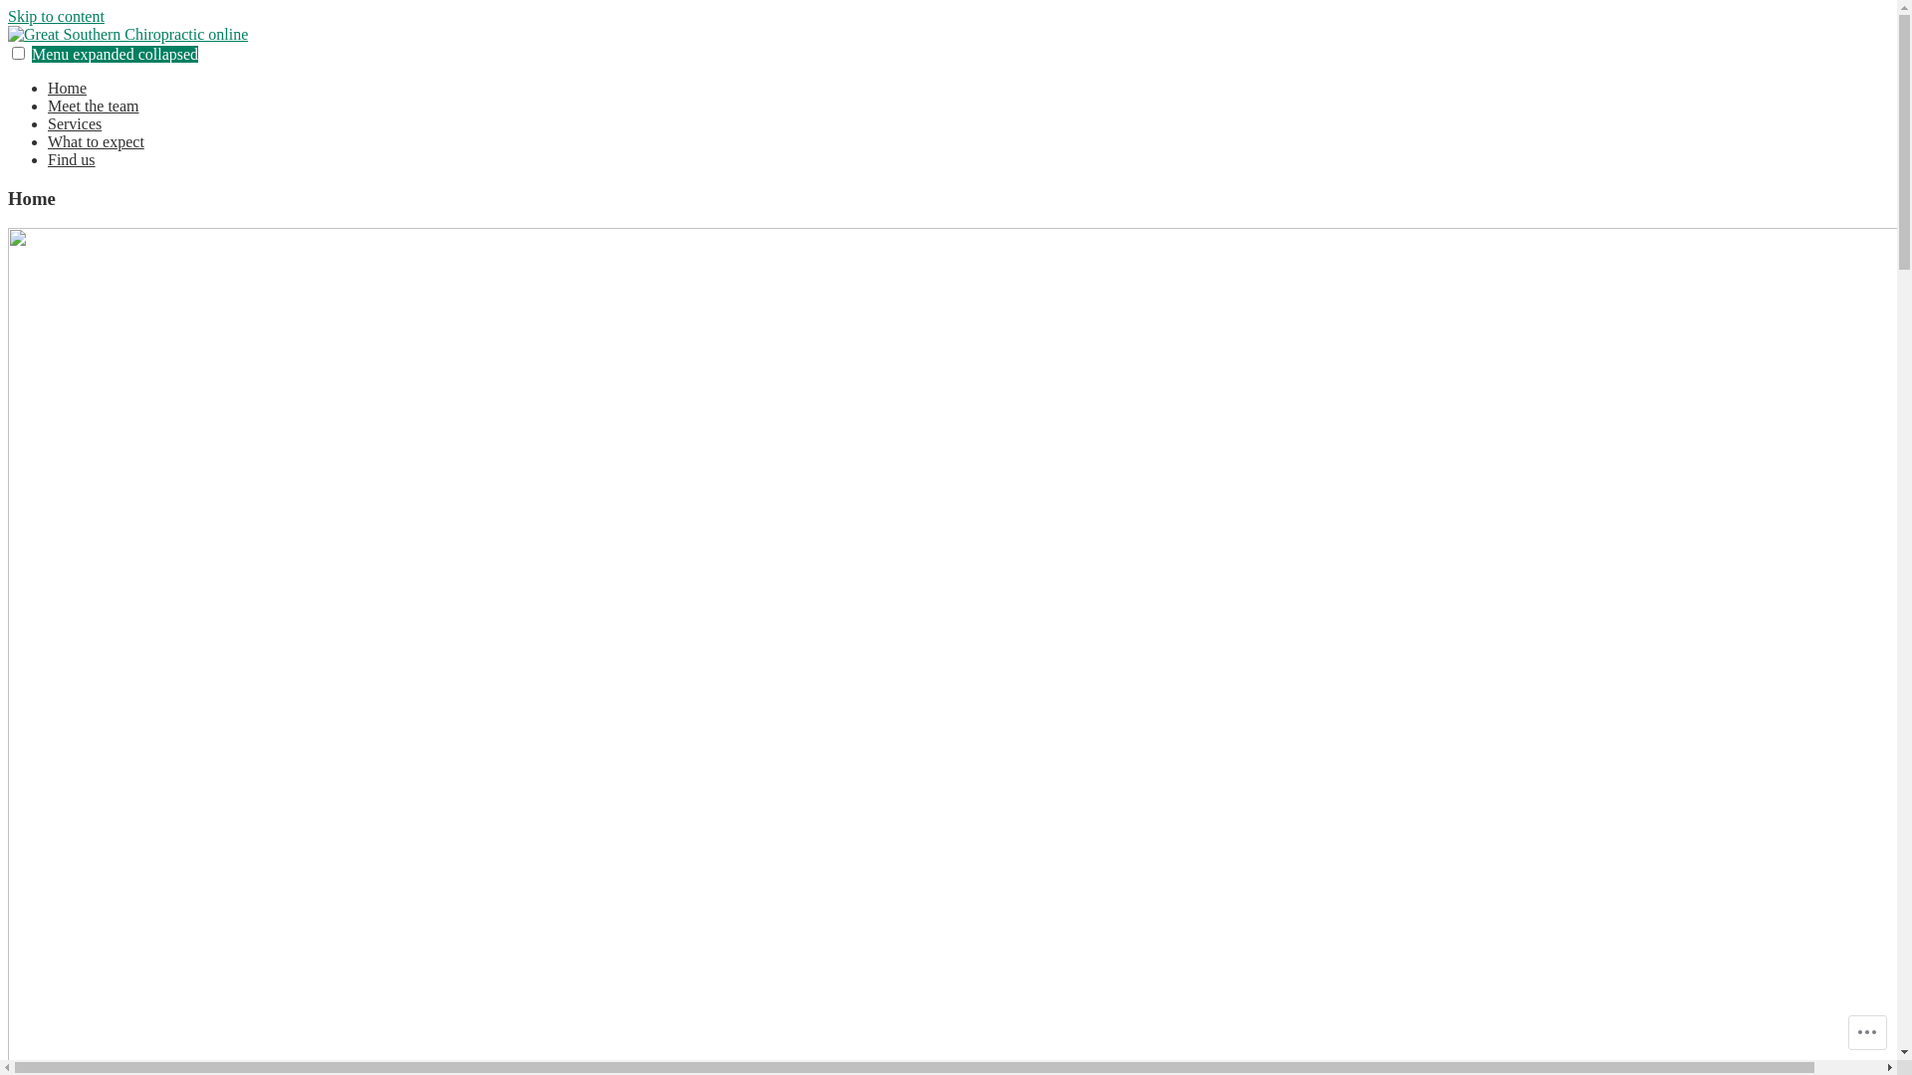 Image resolution: width=1912 pixels, height=1075 pixels. I want to click on 'Skip to content', so click(56, 16).